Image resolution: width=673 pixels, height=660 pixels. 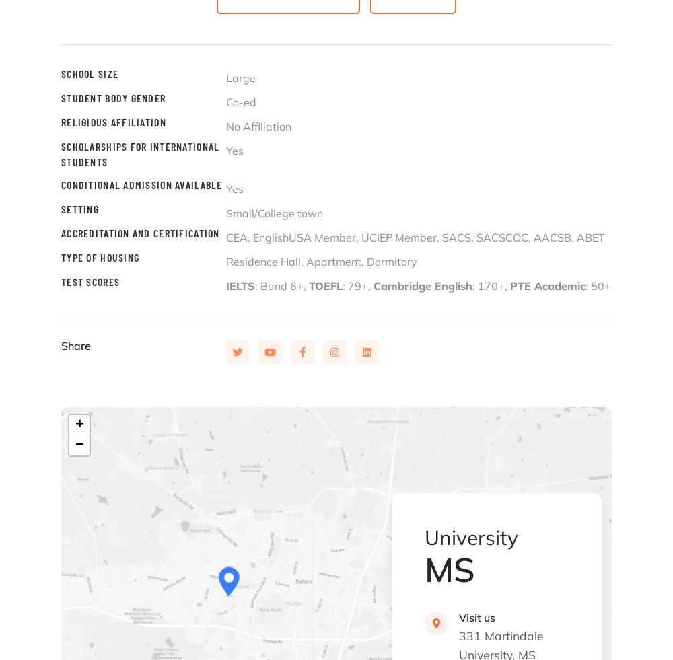 I want to click on 'Accreditation and Certification', so click(x=61, y=232).